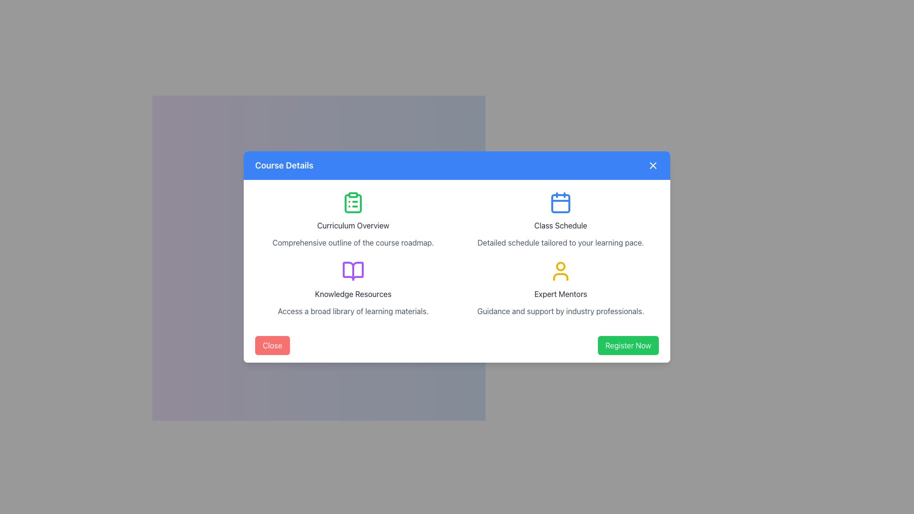 This screenshot has width=914, height=514. I want to click on the 'Curriculum Overview' icon that represents a checklist, located at the top of its group, centered horizontally above the heading and description, so click(353, 202).